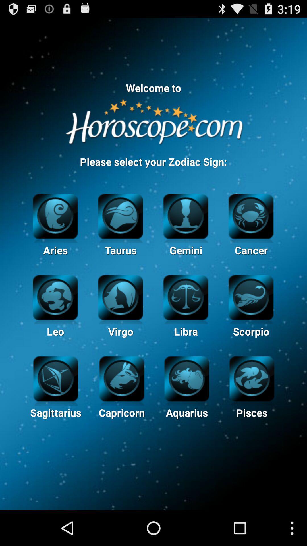 Image resolution: width=307 pixels, height=546 pixels. What do you see at coordinates (252, 378) in the screenshot?
I see `show the details` at bounding box center [252, 378].